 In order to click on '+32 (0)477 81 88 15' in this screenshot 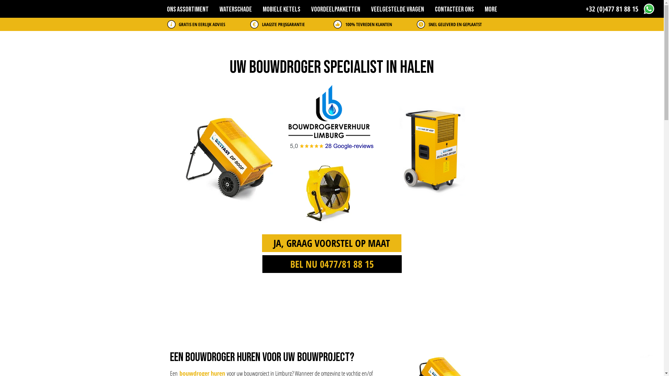, I will do `click(585, 9)`.